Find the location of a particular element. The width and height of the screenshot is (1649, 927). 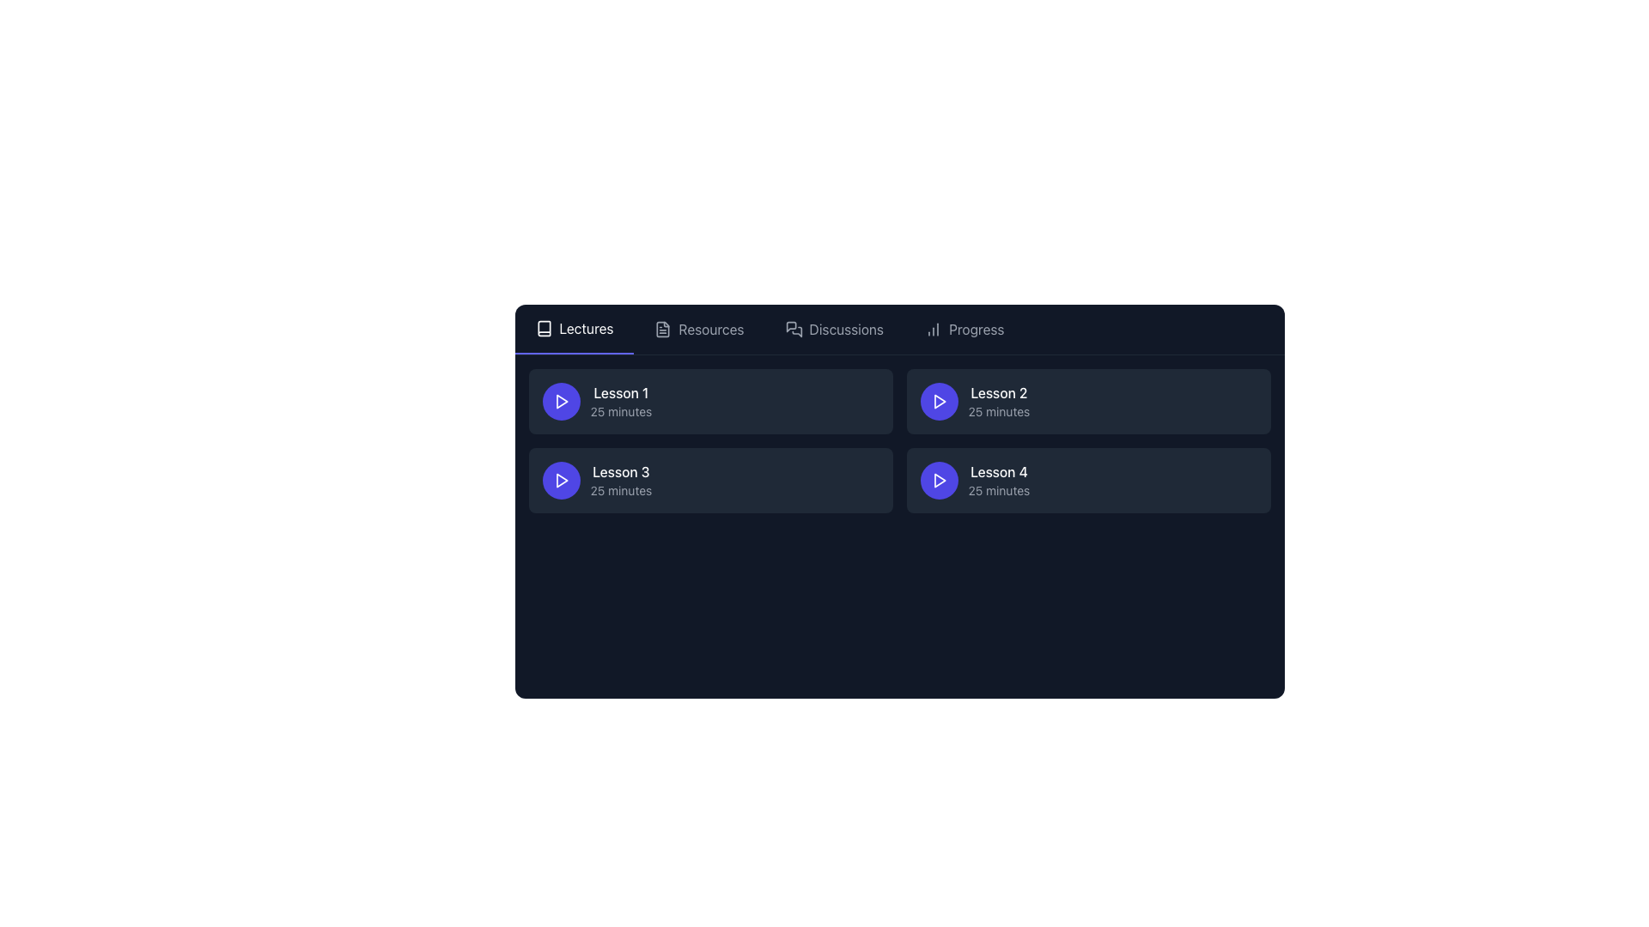

the Text Label in the Navigation Tab that represents the 'Progress' section is located at coordinates (977, 330).